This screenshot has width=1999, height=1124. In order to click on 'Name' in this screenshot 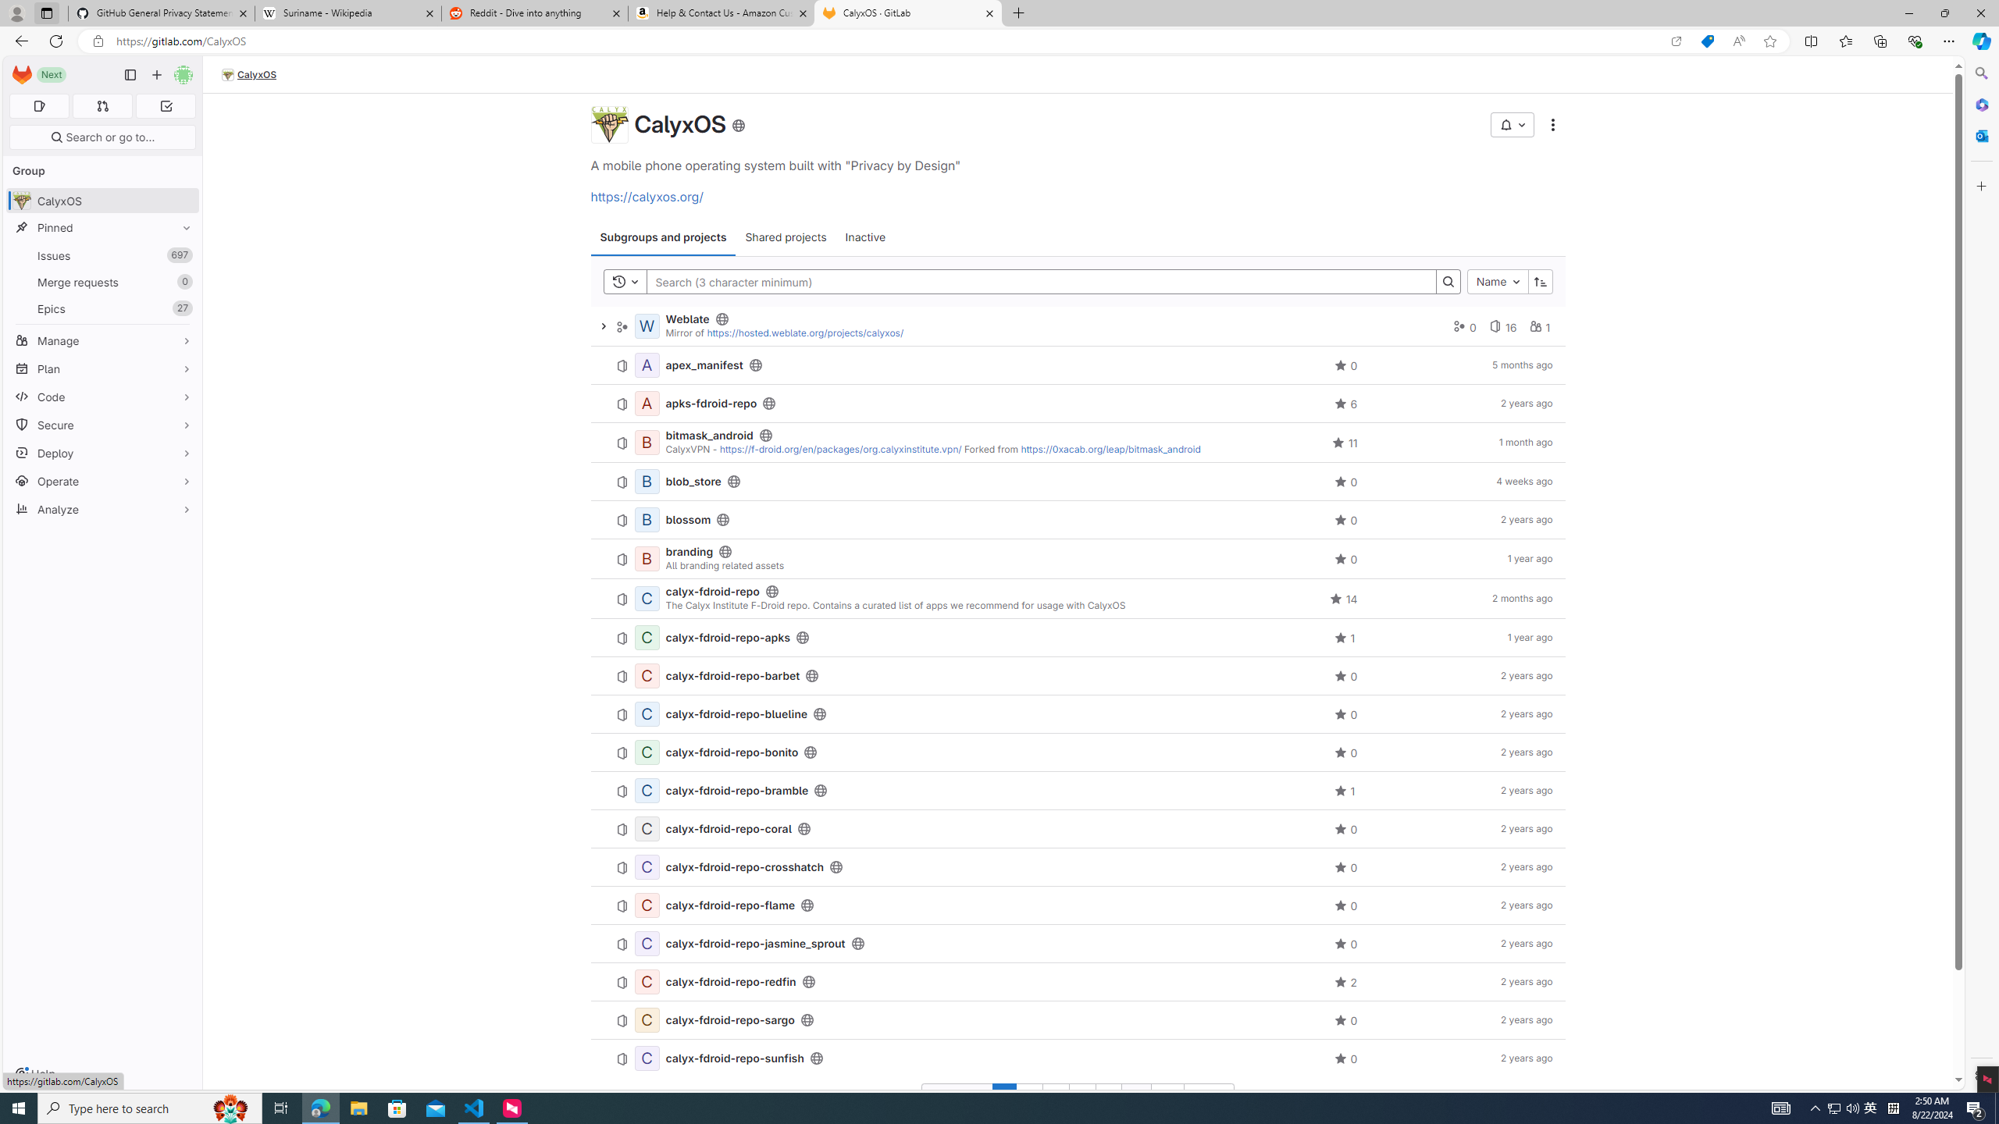, I will do `click(1497, 281)`.